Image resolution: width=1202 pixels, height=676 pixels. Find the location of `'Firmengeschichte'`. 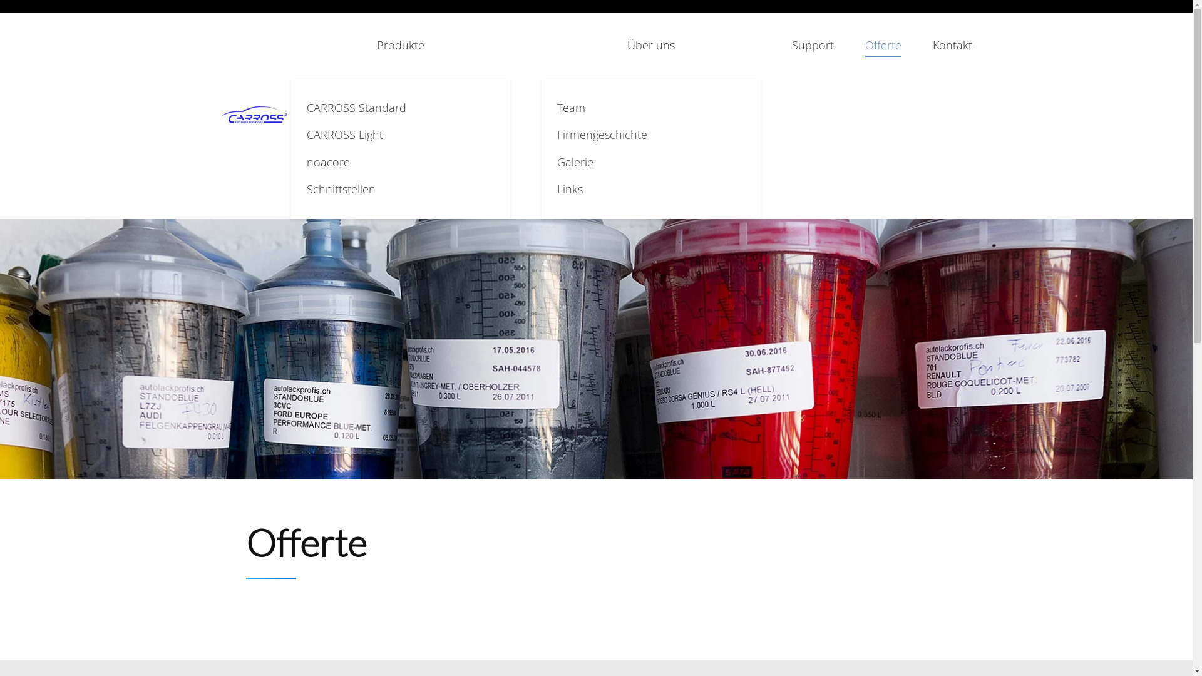

'Firmengeschichte' is located at coordinates (651, 135).